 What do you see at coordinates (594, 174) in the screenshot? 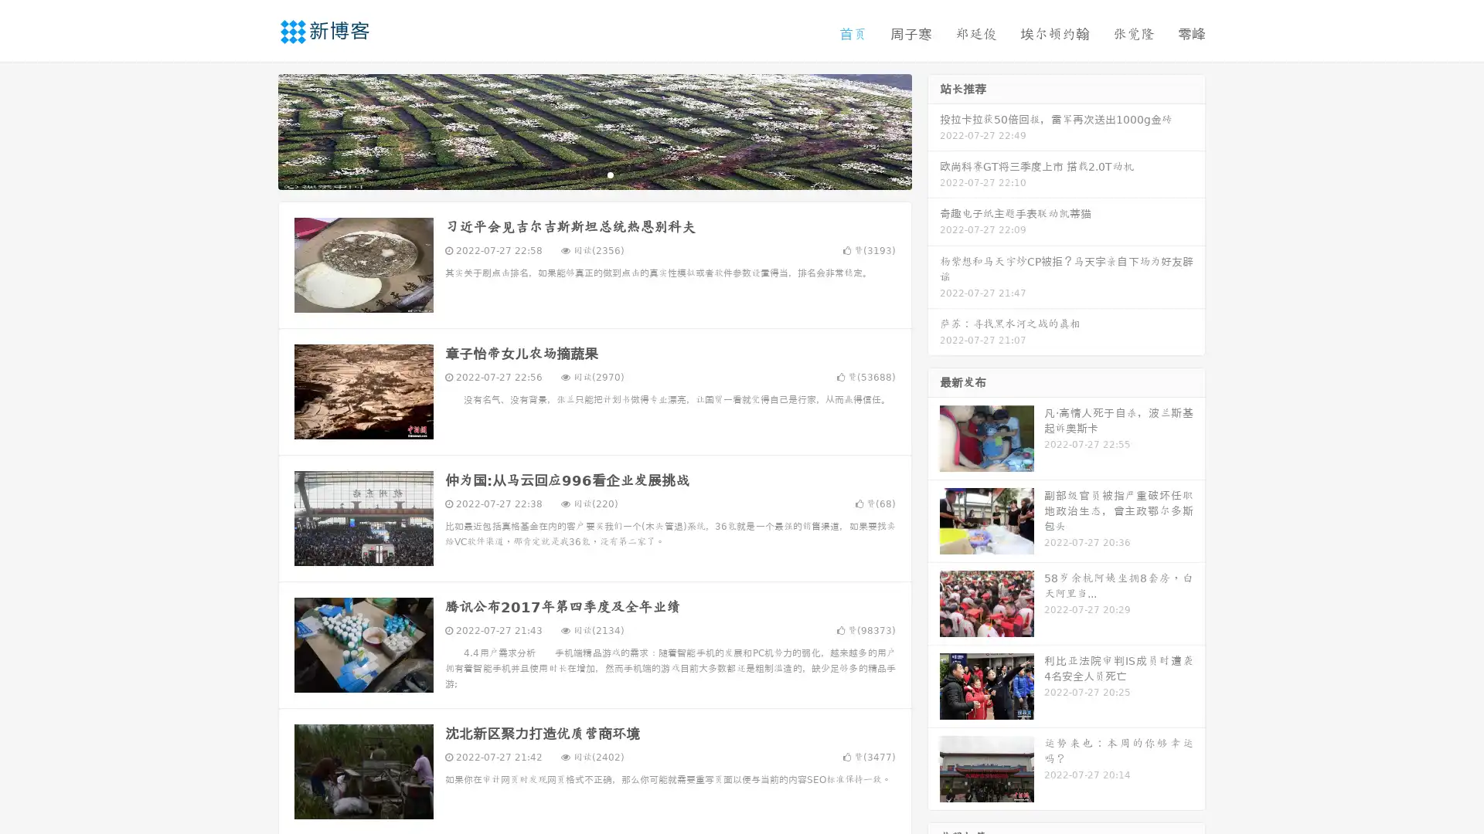
I see `Go to slide 2` at bounding box center [594, 174].